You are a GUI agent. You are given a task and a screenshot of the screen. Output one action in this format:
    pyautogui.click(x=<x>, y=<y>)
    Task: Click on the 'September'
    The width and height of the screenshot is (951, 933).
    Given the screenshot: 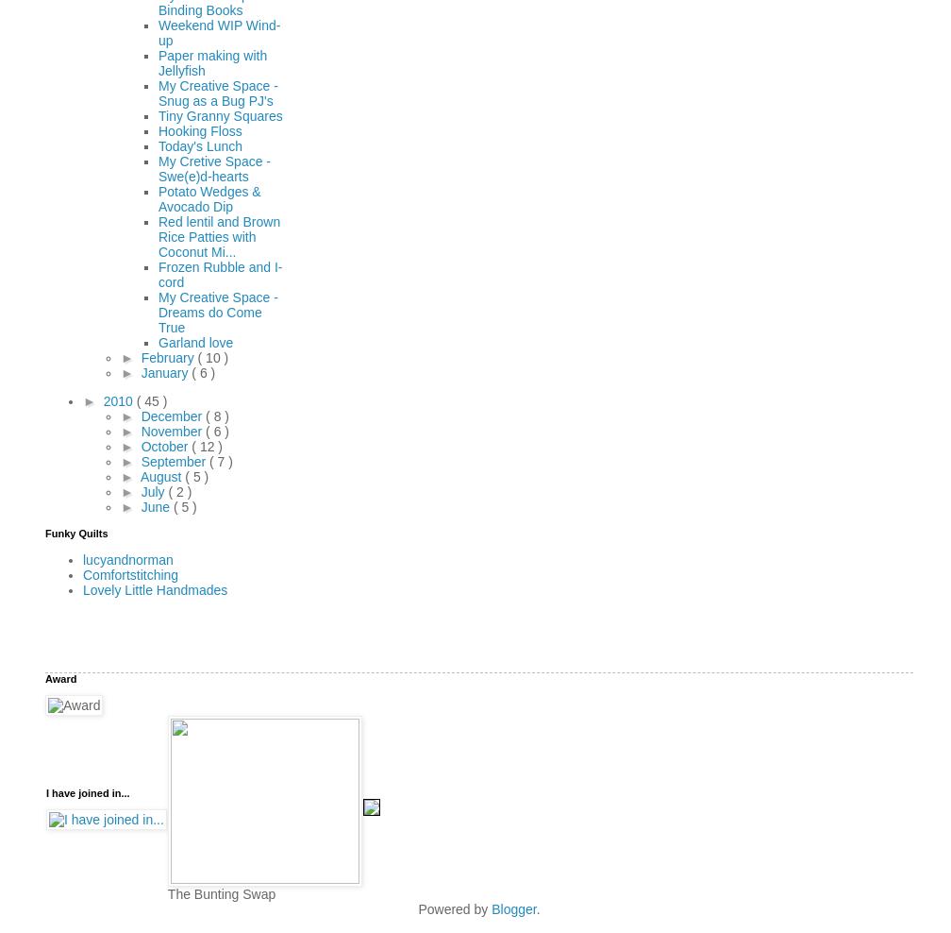 What is the action you would take?
    pyautogui.click(x=175, y=460)
    